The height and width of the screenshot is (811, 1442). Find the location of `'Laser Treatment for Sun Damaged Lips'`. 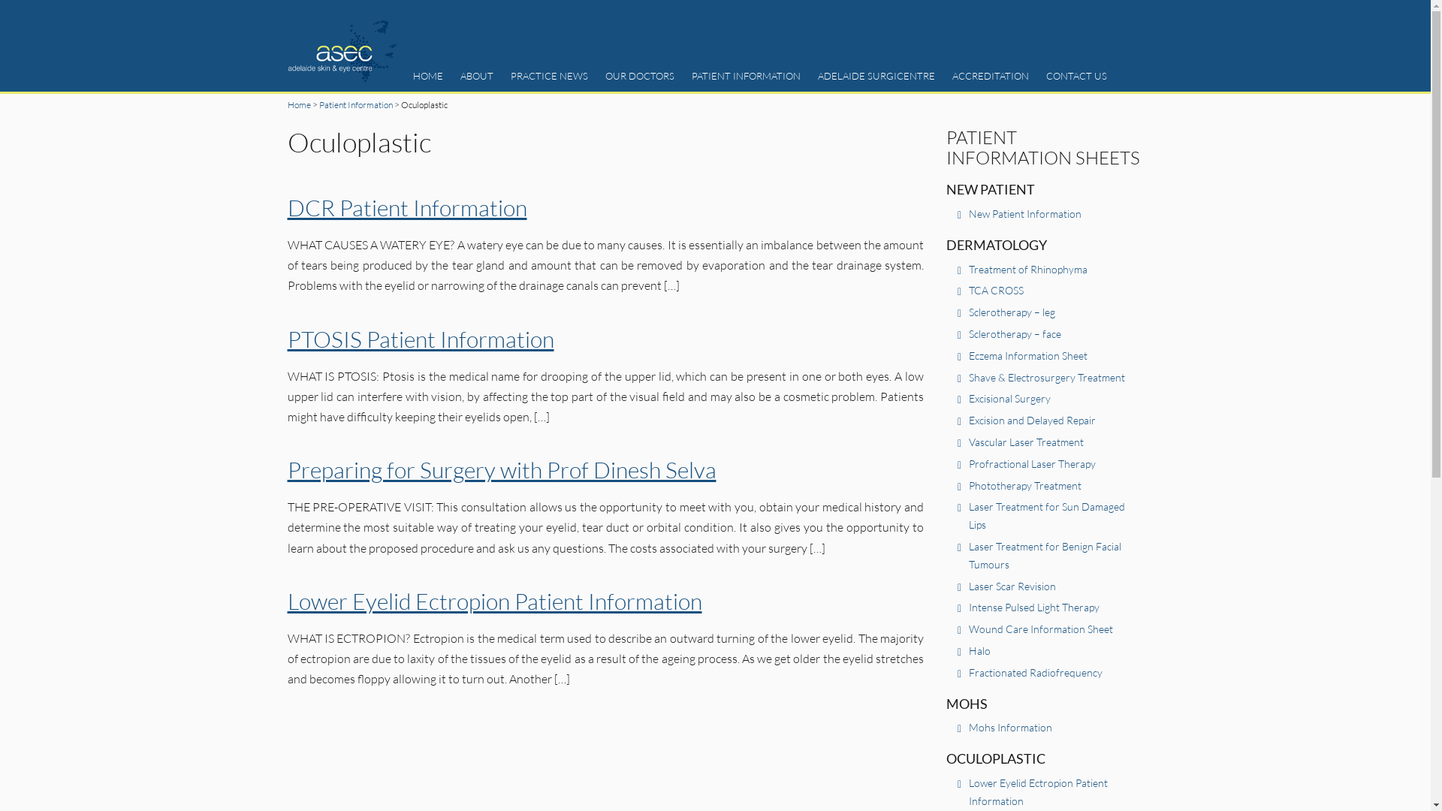

'Laser Treatment for Sun Damaged Lips' is located at coordinates (1045, 514).